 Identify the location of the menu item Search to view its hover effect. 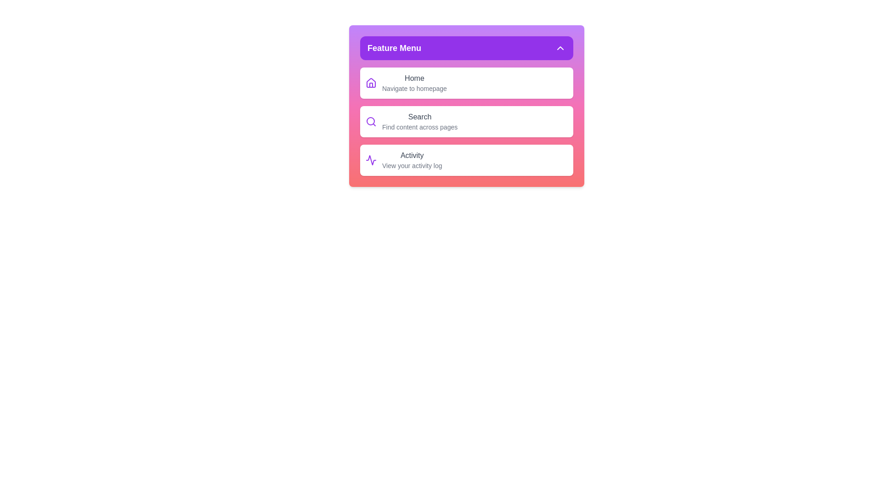
(467, 121).